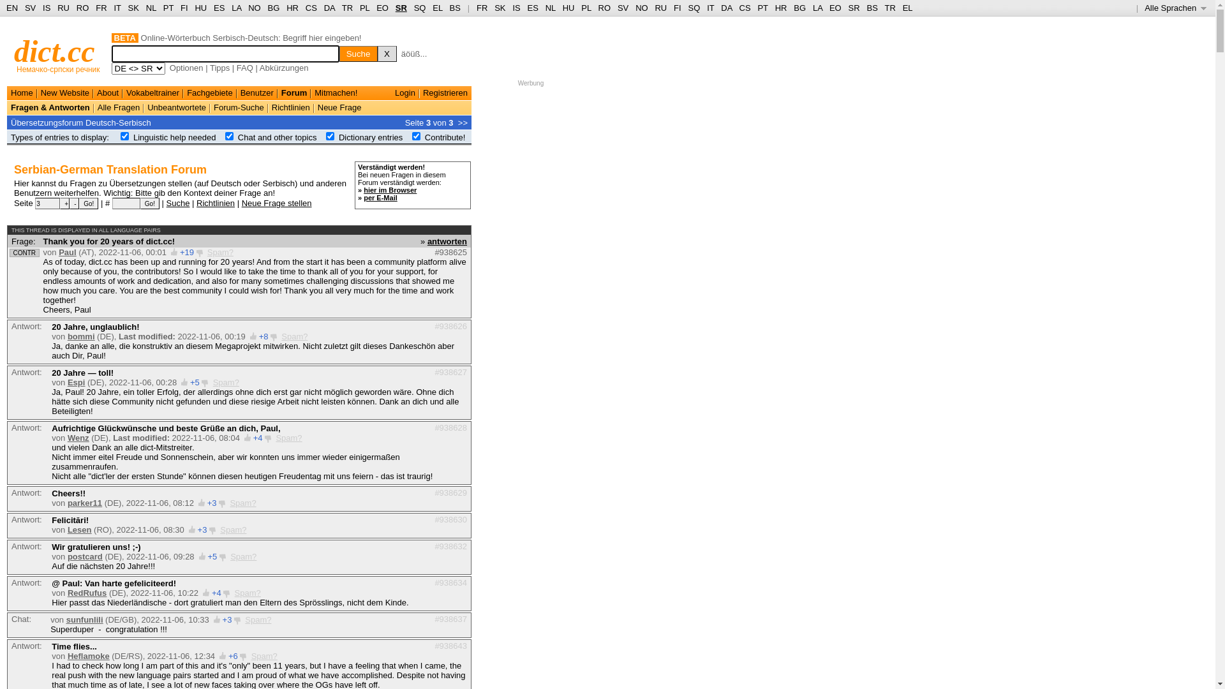 The image size is (1225, 689). What do you see at coordinates (24, 253) in the screenshot?
I see `'CONTR'` at bounding box center [24, 253].